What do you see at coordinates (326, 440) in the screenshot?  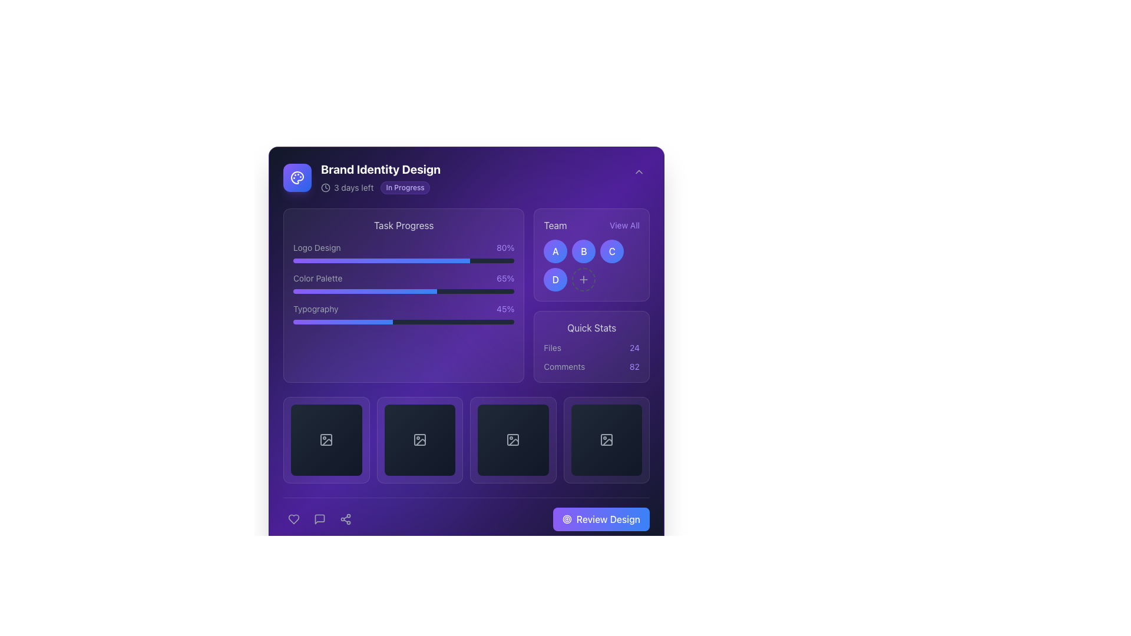 I see `the first icon representing an image placeholder located at the bottom-center of the interface` at bounding box center [326, 440].